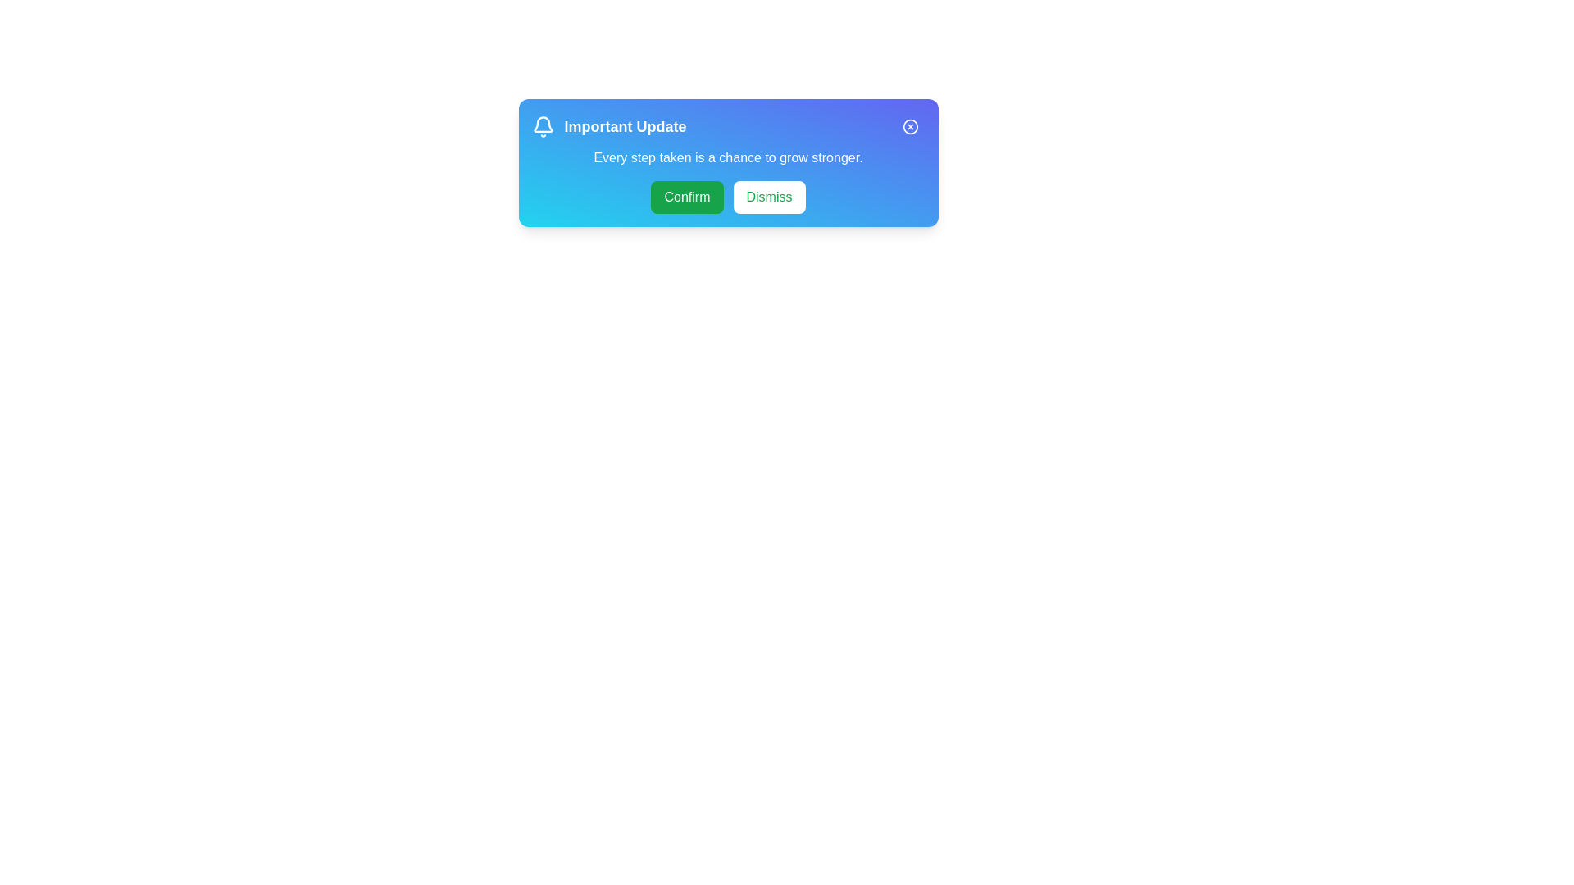 This screenshot has width=1574, height=885. I want to click on close button to dismiss the alert, so click(909, 125).